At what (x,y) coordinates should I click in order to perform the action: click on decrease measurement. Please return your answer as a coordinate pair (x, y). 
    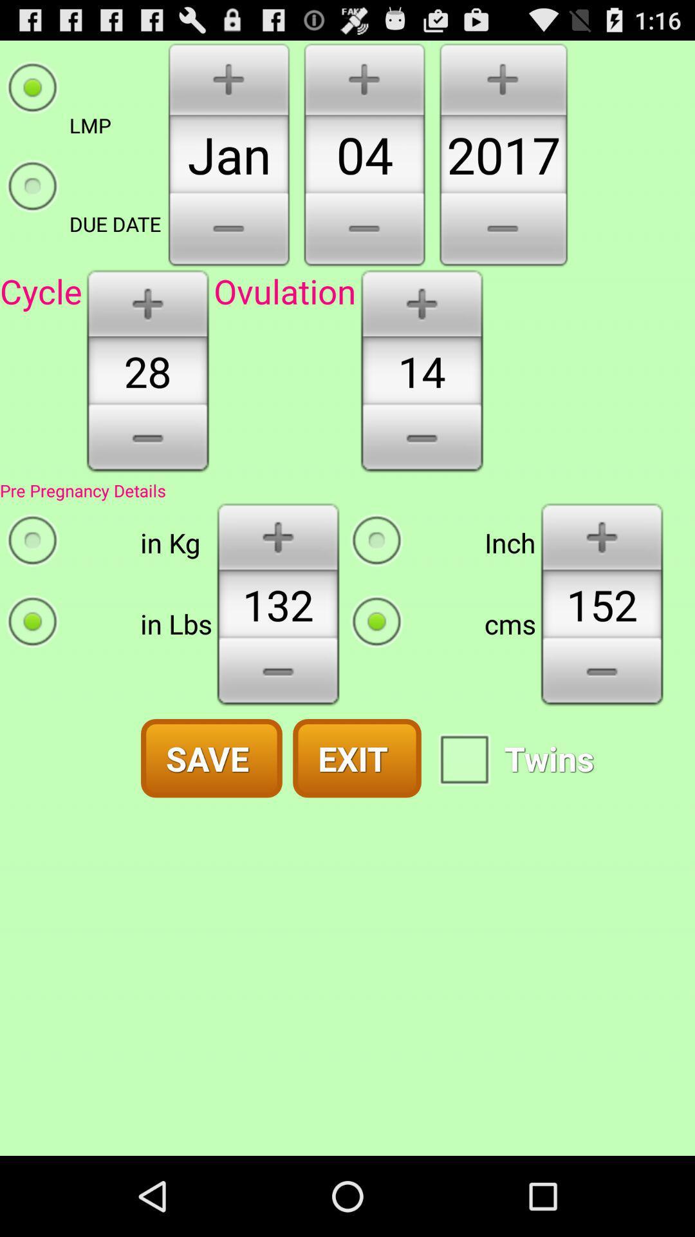
    Looking at the image, I should click on (602, 675).